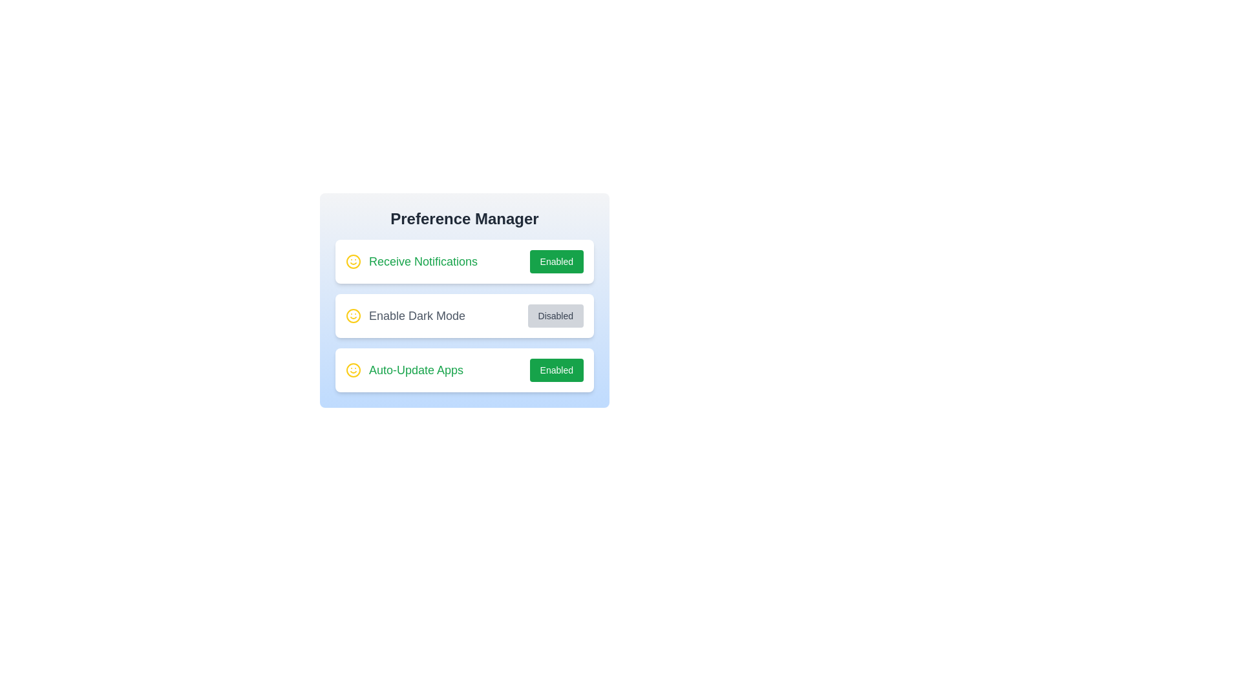  What do you see at coordinates (354, 316) in the screenshot?
I see `the smiley icon associated with the preference 'Enable Dark Mode' to explore its interaction` at bounding box center [354, 316].